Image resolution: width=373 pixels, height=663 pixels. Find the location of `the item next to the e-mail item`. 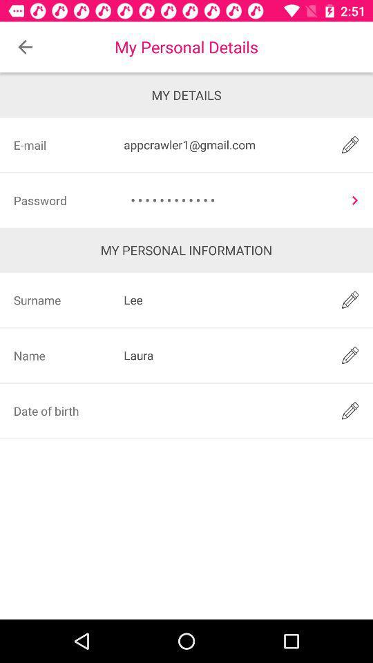

the item next to the e-mail item is located at coordinates (223, 144).